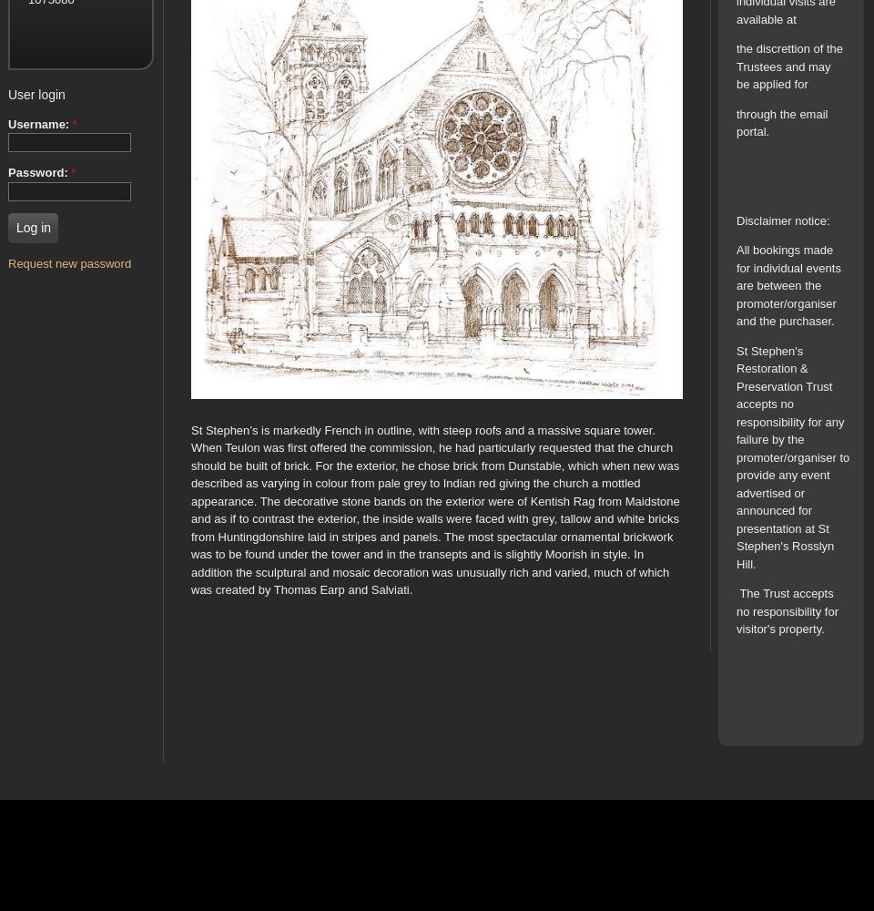  I want to click on 'through the email portal.', so click(736, 122).